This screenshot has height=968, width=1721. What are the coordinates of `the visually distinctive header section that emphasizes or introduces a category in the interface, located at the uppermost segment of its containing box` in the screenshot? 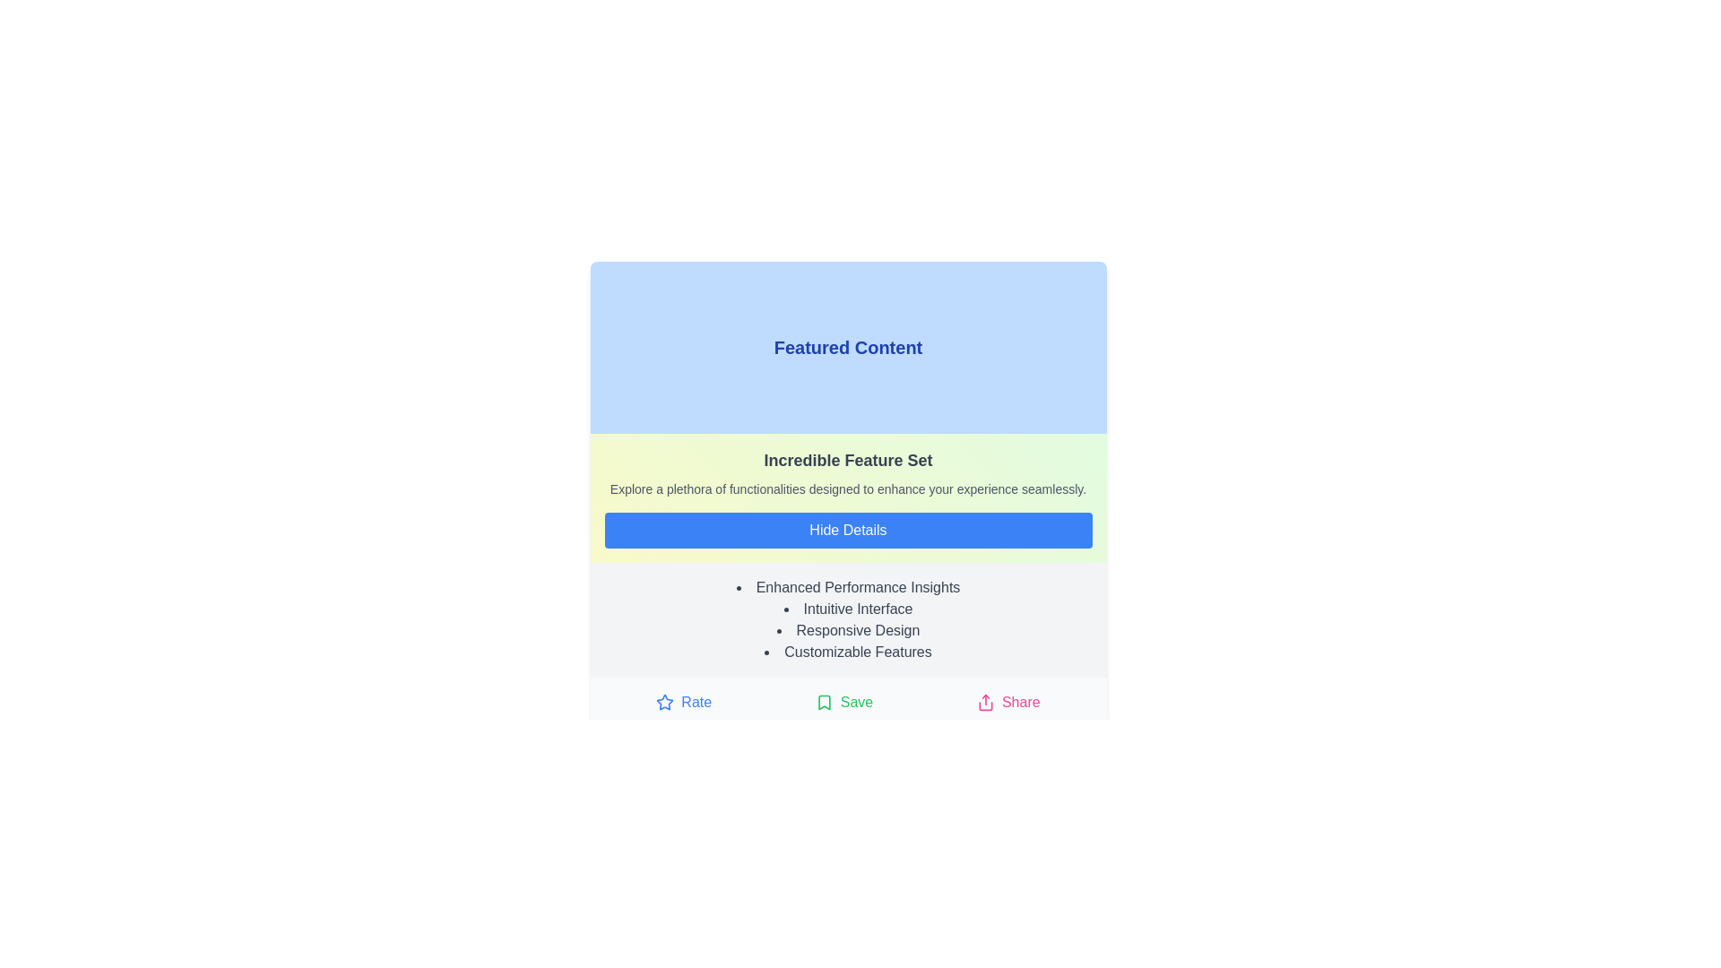 It's located at (847, 348).